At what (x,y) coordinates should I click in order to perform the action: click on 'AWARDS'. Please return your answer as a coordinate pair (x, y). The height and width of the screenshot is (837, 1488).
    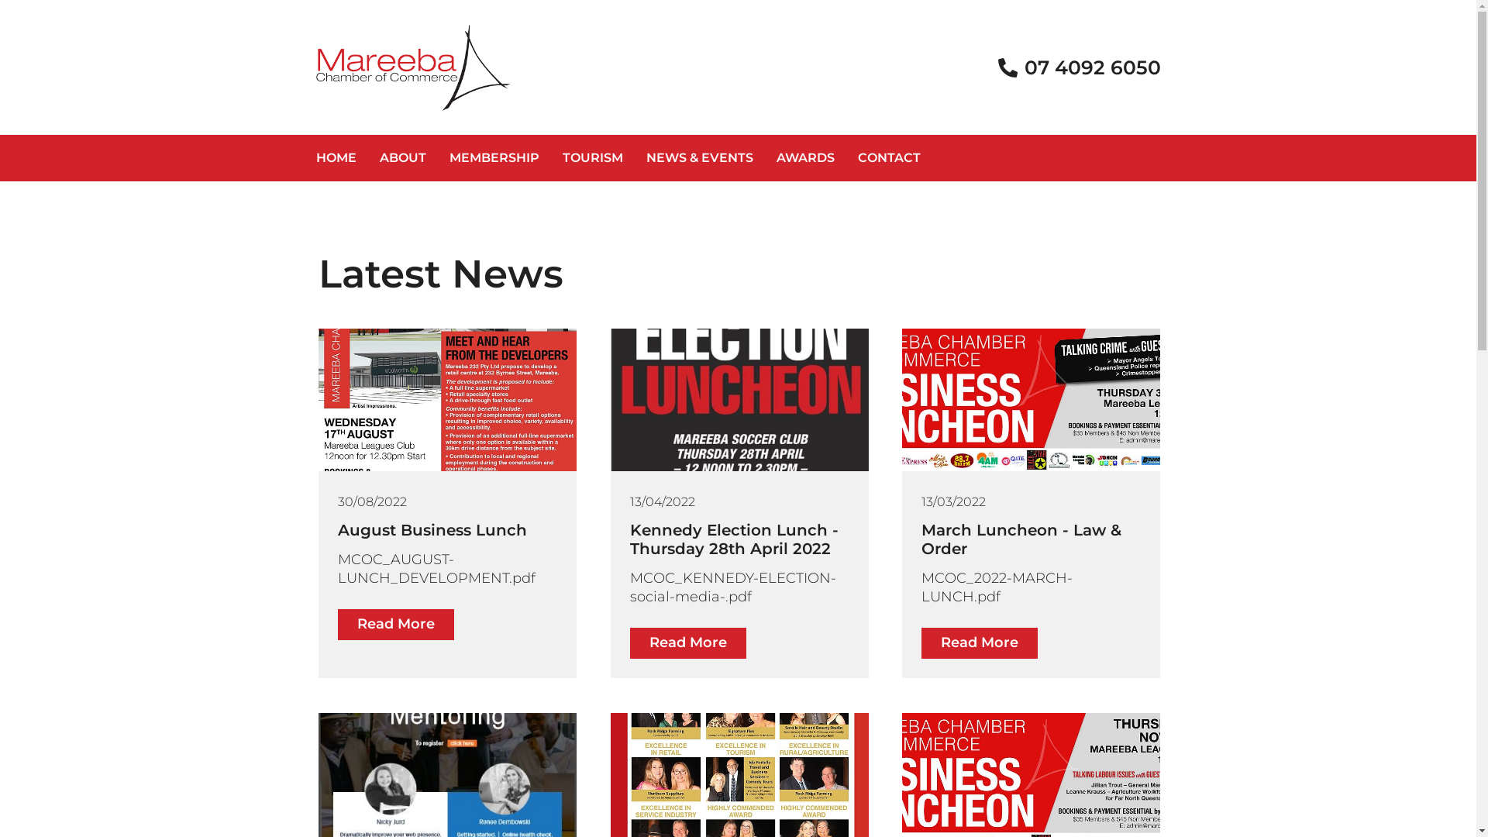
    Looking at the image, I should click on (804, 158).